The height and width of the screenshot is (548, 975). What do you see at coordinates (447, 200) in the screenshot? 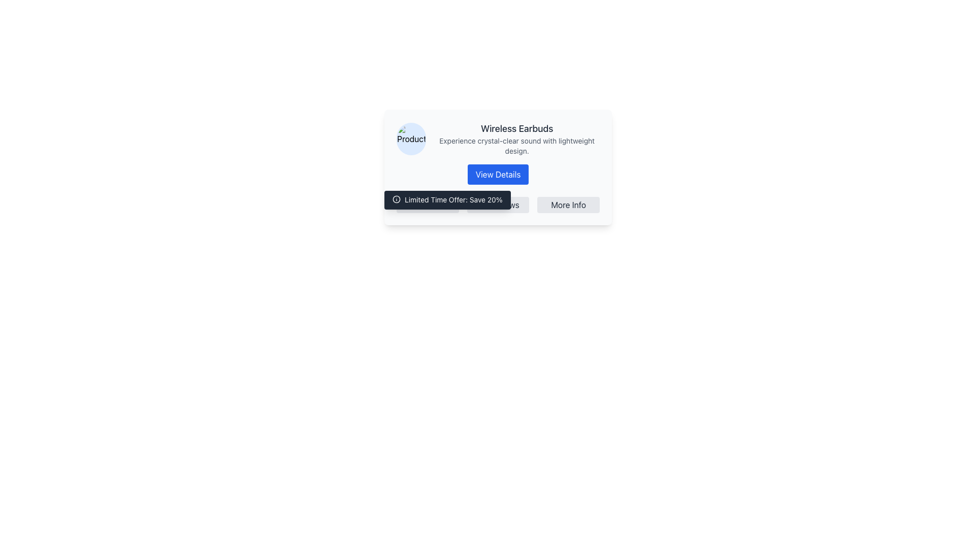
I see `the informational notification box that displays the promotional offer, located centrally below the 'View Details' button` at bounding box center [447, 200].